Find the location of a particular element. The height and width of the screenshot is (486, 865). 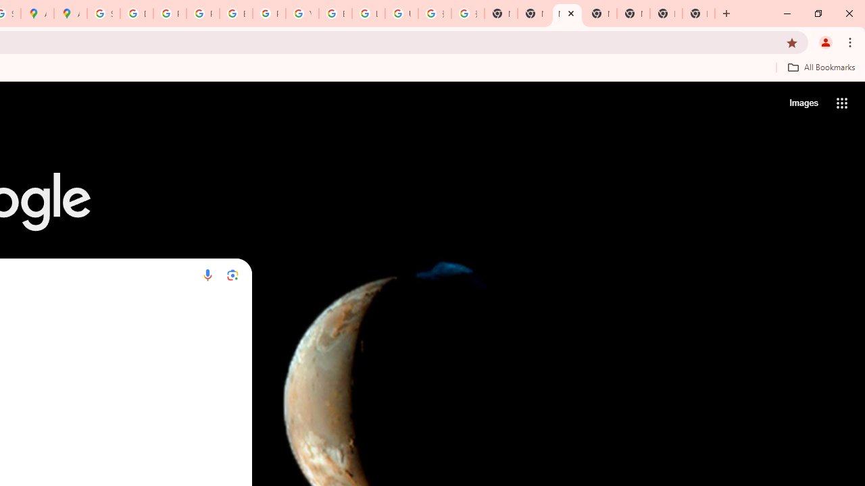

'Search by image' is located at coordinates (232, 274).